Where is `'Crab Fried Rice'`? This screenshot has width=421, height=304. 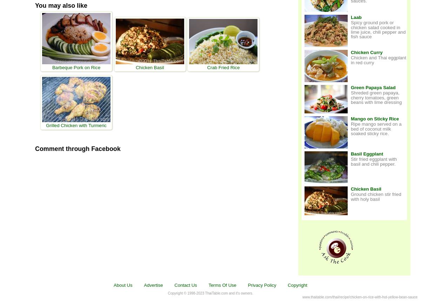
'Crab Fried Rice' is located at coordinates (223, 67).